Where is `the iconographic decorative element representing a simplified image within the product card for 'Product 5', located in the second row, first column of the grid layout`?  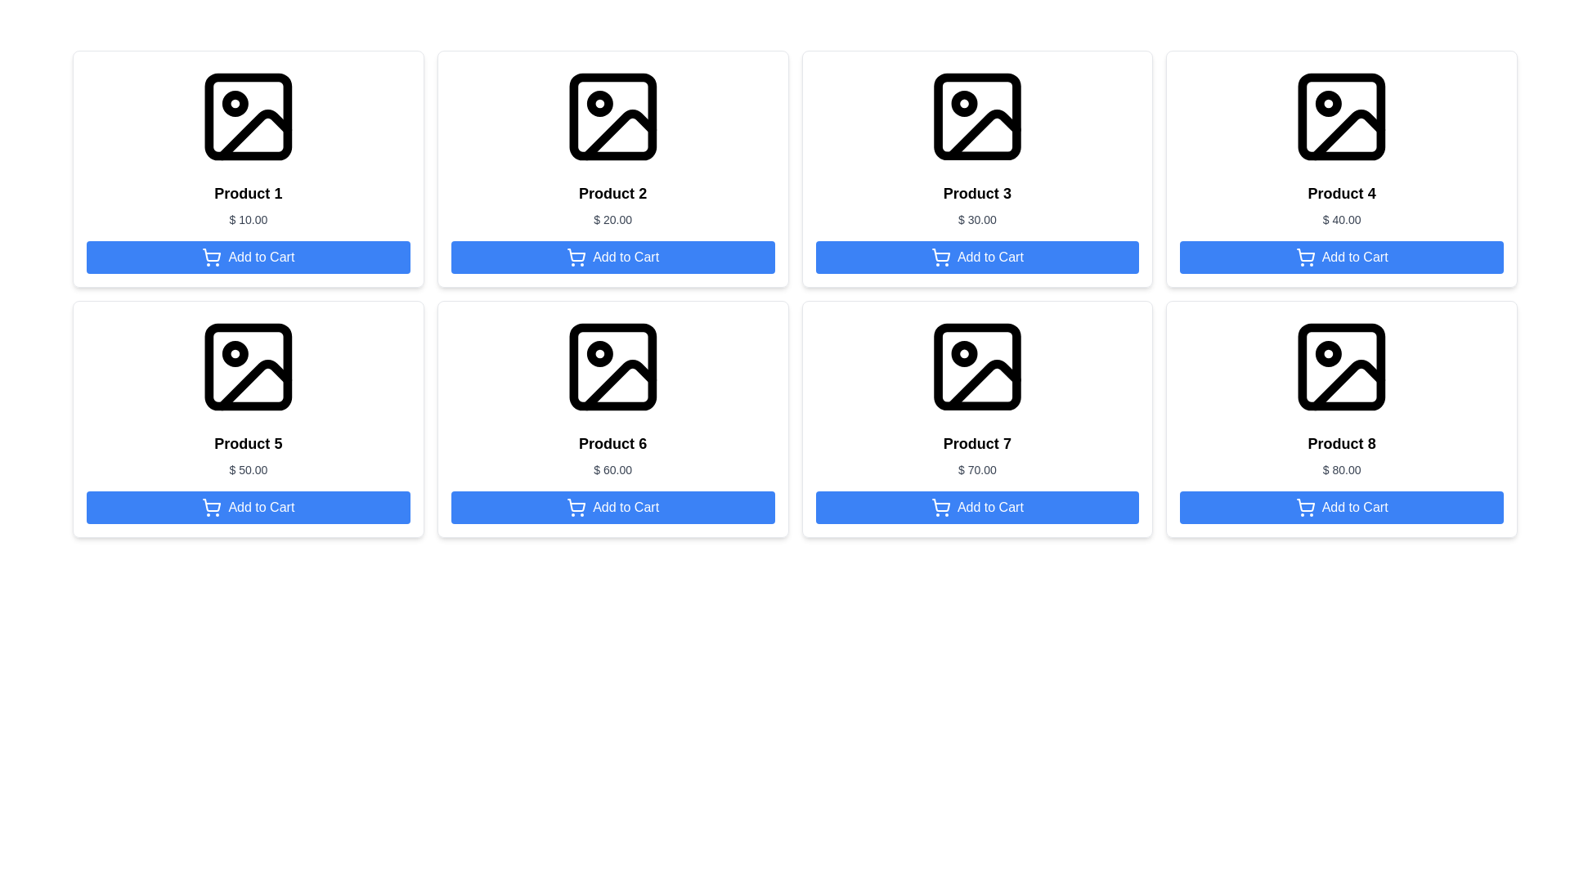 the iconographic decorative element representing a simplified image within the product card for 'Product 5', located in the second row, first column of the grid layout is located at coordinates (253, 385).